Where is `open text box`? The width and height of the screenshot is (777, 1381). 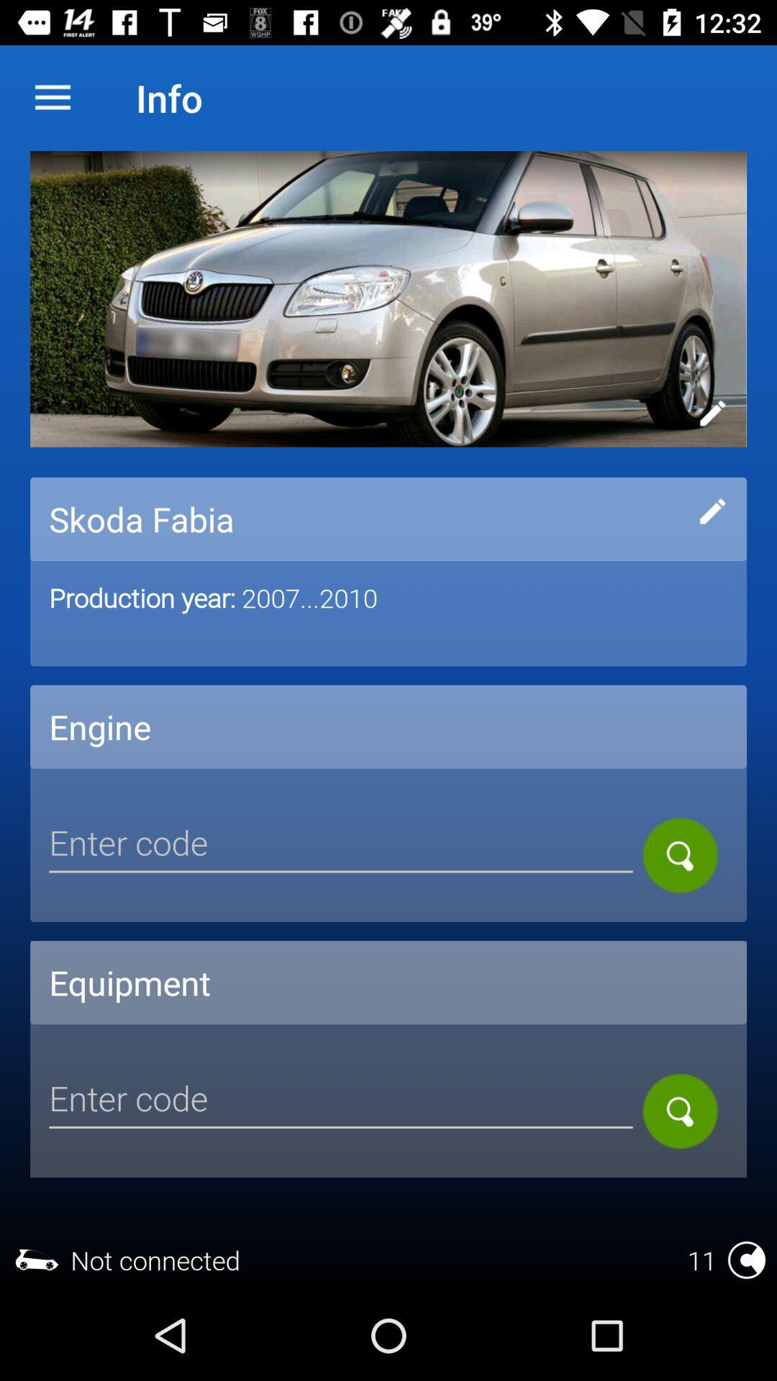
open text box is located at coordinates (341, 845).